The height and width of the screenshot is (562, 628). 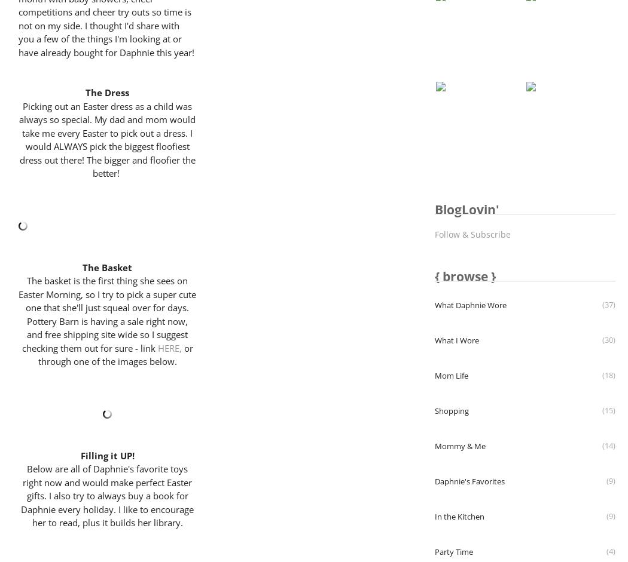 I want to click on '{ browse }', so click(x=465, y=276).